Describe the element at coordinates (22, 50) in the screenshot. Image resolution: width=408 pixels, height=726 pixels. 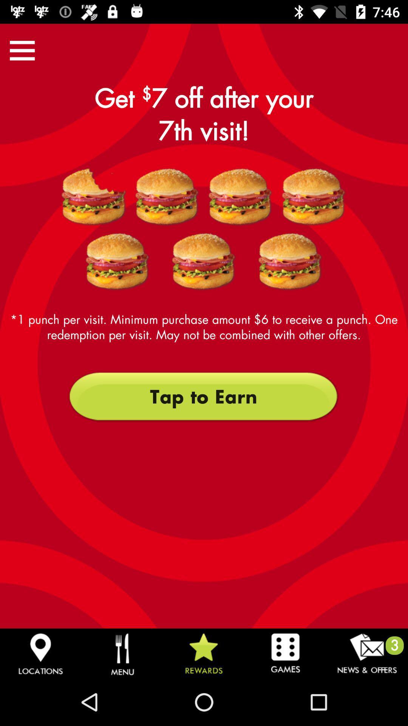
I see `menu` at that location.